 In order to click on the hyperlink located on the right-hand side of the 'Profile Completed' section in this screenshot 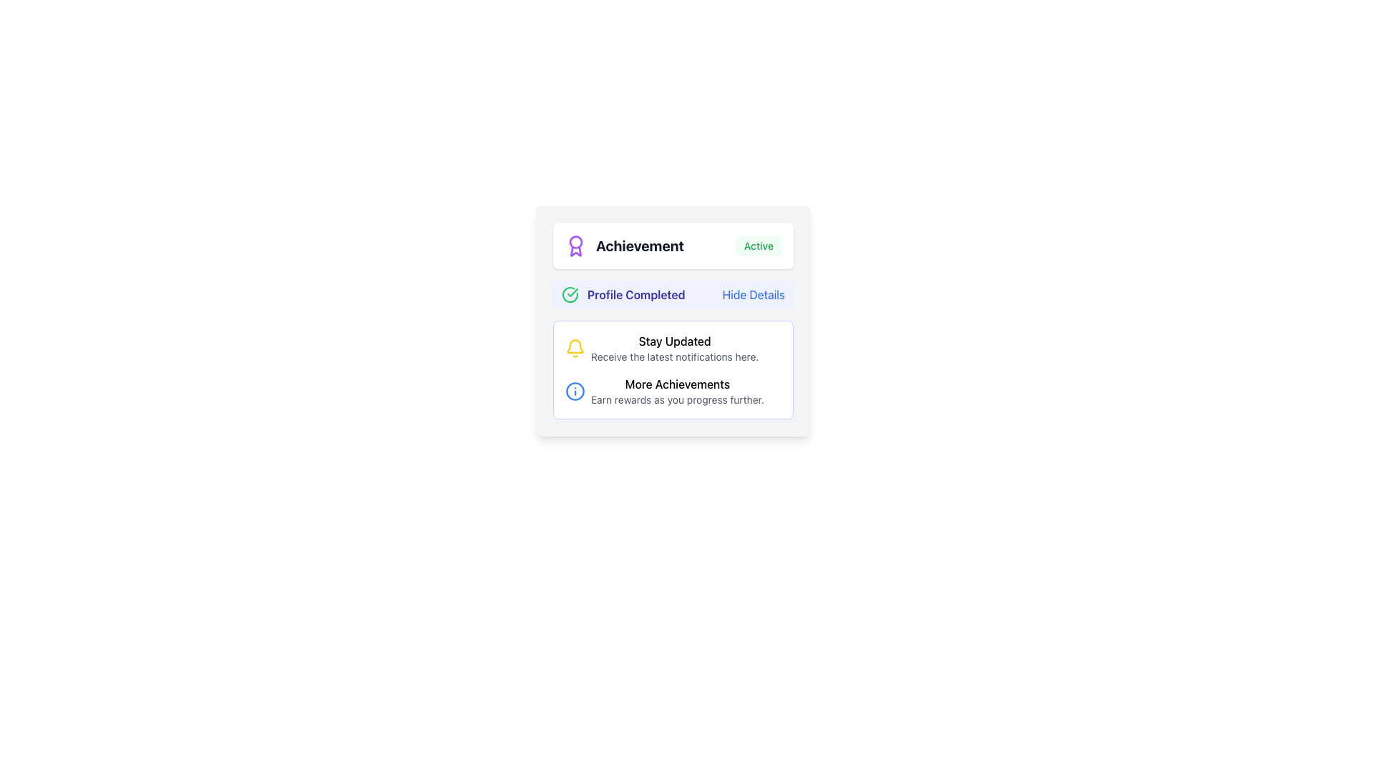, I will do `click(753, 294)`.